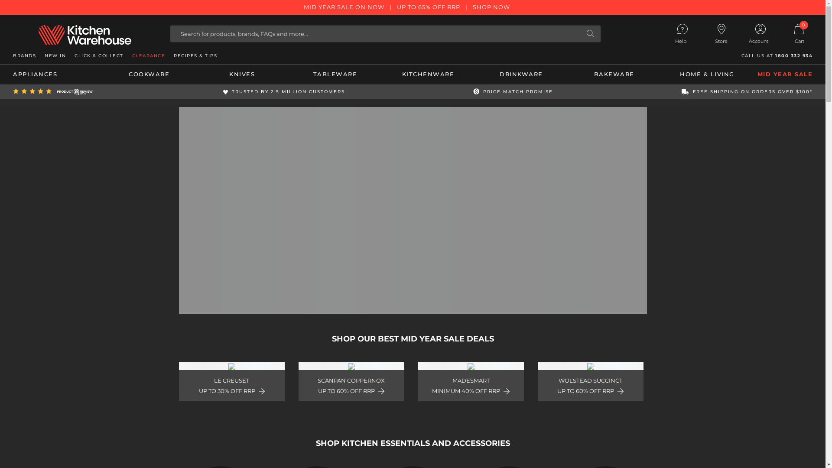 This screenshot has height=468, width=832. Describe the element at coordinates (478, 74) in the screenshot. I see `'DRINKWARE'` at that location.